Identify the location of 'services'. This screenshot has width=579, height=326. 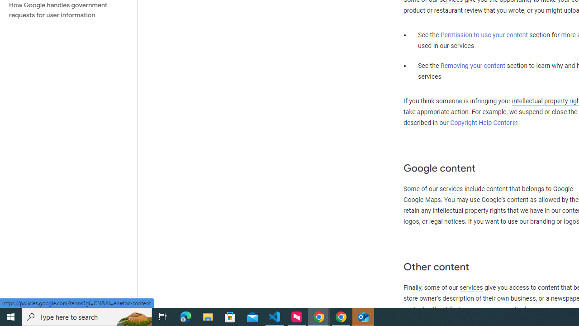
(470, 288).